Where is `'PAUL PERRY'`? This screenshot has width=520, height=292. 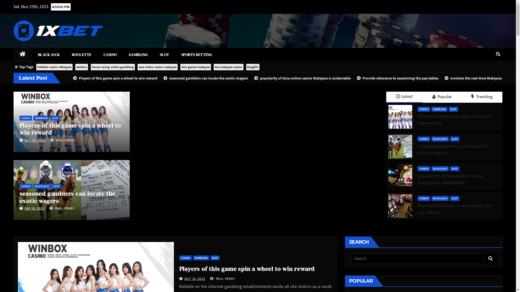 'PAUL PERRY' is located at coordinates (63, 140).